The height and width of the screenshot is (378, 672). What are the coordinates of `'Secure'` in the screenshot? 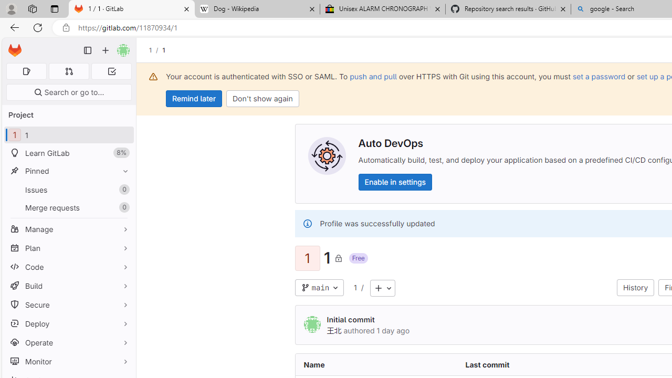 It's located at (68, 304).